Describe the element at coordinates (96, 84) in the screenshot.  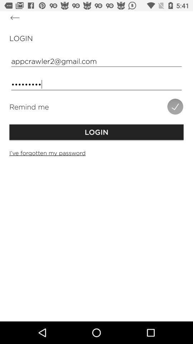
I see `item below the appcrawler2@gmail.com` at that location.